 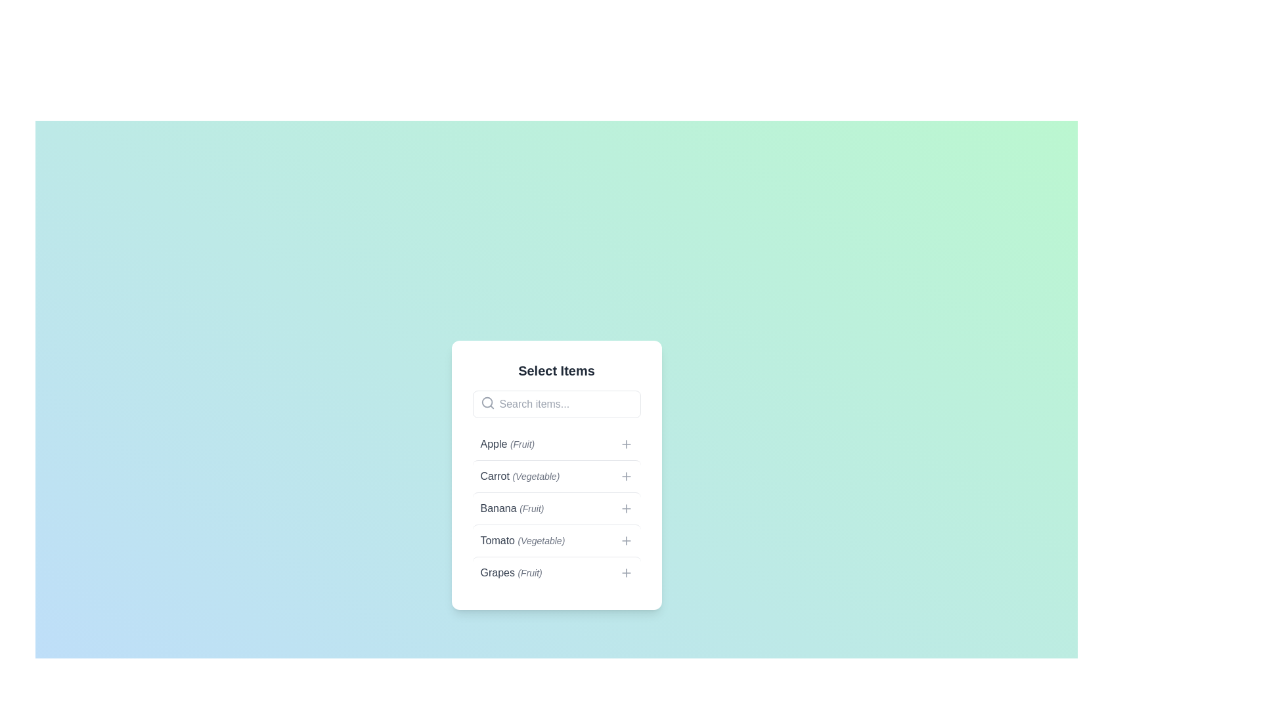 What do you see at coordinates (541, 541) in the screenshot?
I see `the text label reading '(Vegetable)' which is styled in gray and positioned to the right of the main text 'Tomato' within the 'Select Items' modal` at bounding box center [541, 541].